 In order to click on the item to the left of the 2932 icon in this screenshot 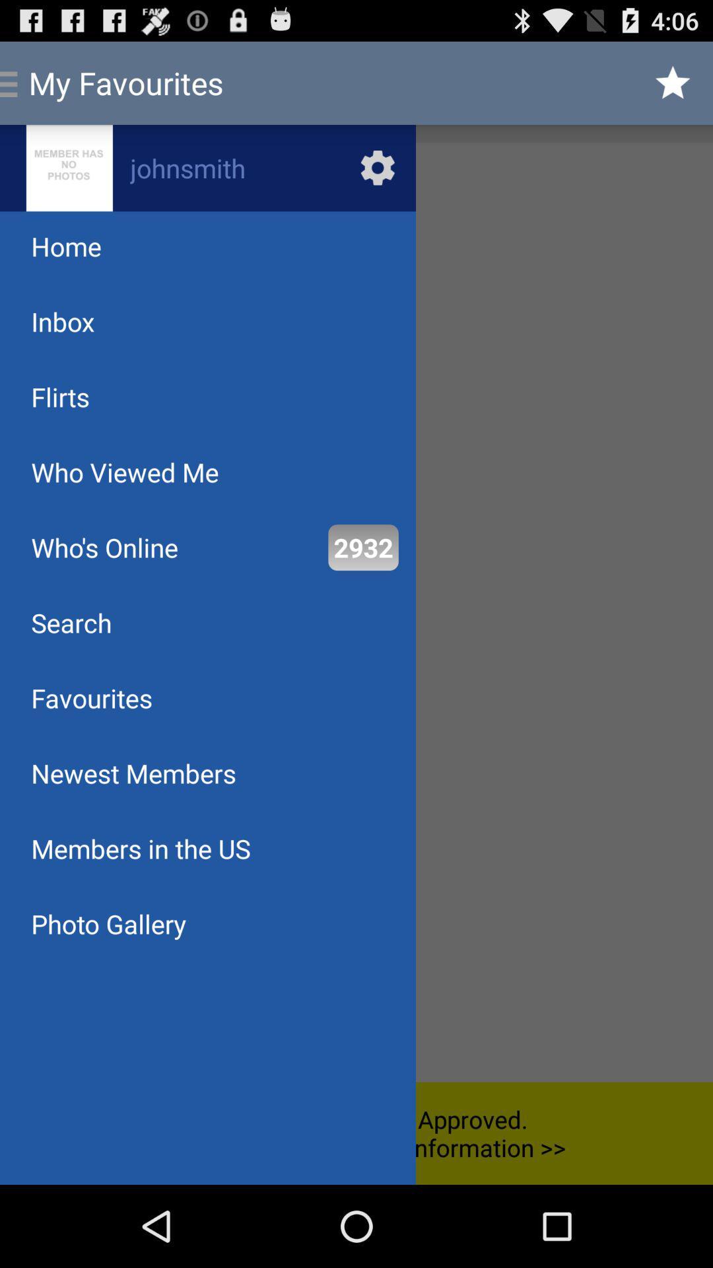, I will do `click(104, 547)`.